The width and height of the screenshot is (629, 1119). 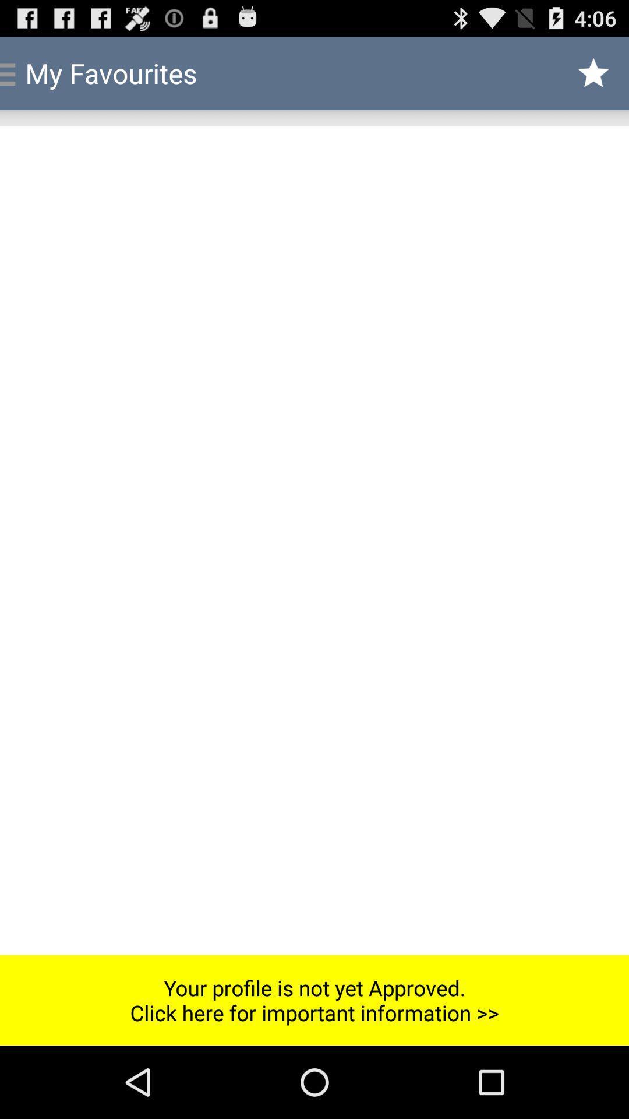 I want to click on icon above the your profile is item, so click(x=314, y=540).